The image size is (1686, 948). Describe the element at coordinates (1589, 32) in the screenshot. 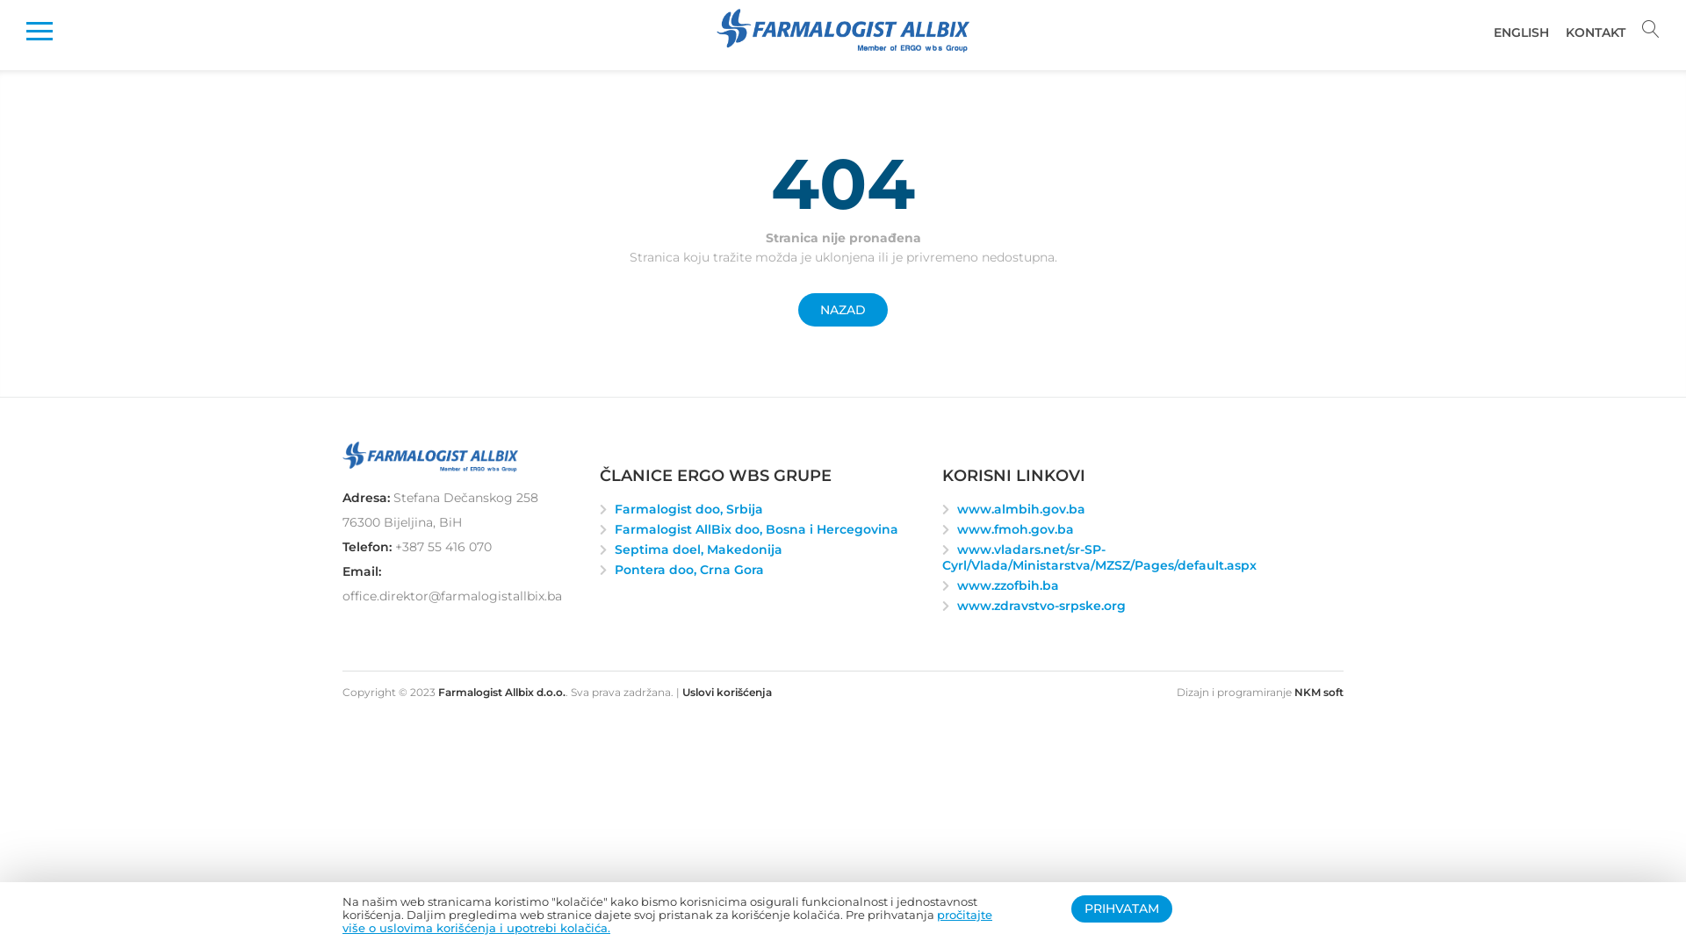

I see `'KONTAKT'` at that location.